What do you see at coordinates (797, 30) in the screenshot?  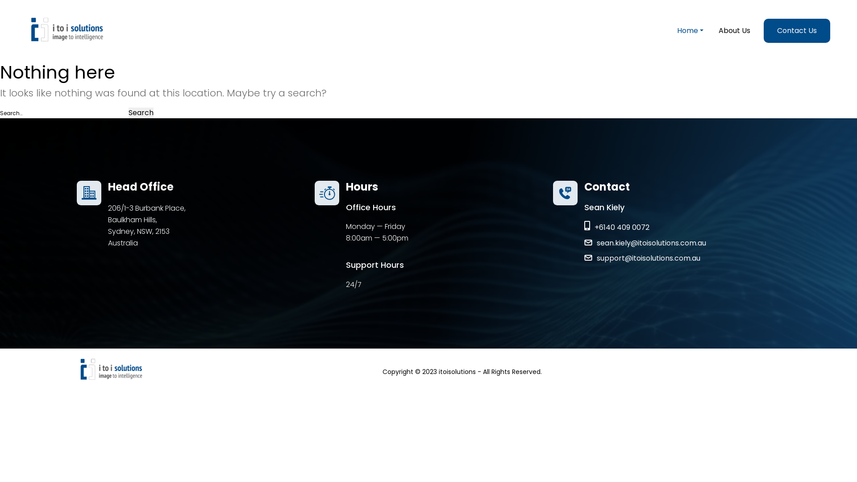 I see `'Contact Us'` at bounding box center [797, 30].